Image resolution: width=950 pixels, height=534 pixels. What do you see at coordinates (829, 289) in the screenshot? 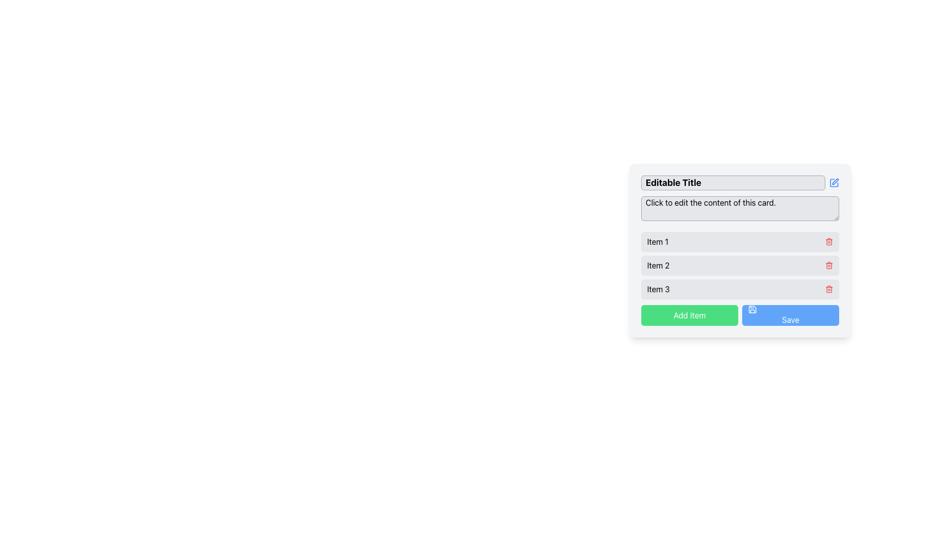
I see `the interactive trash can icon located to the right of 'Item 3' by tabbing through the elements` at bounding box center [829, 289].